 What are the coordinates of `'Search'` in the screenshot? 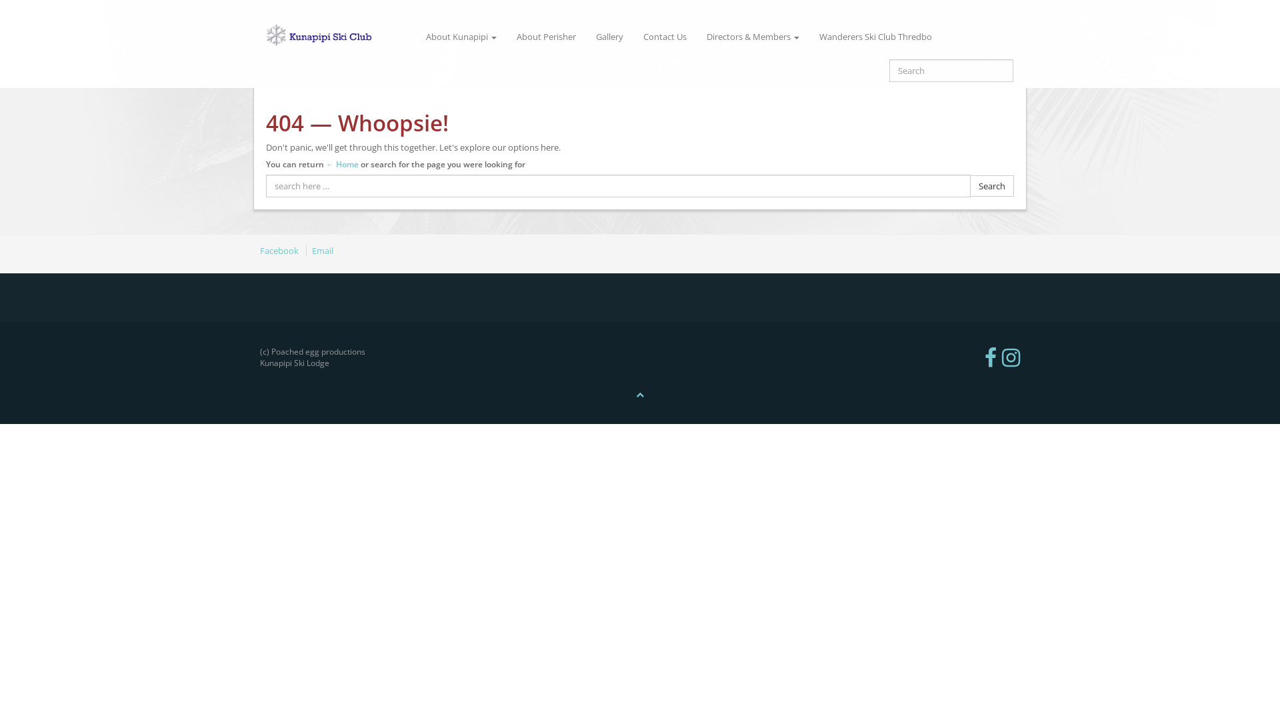 It's located at (992, 186).